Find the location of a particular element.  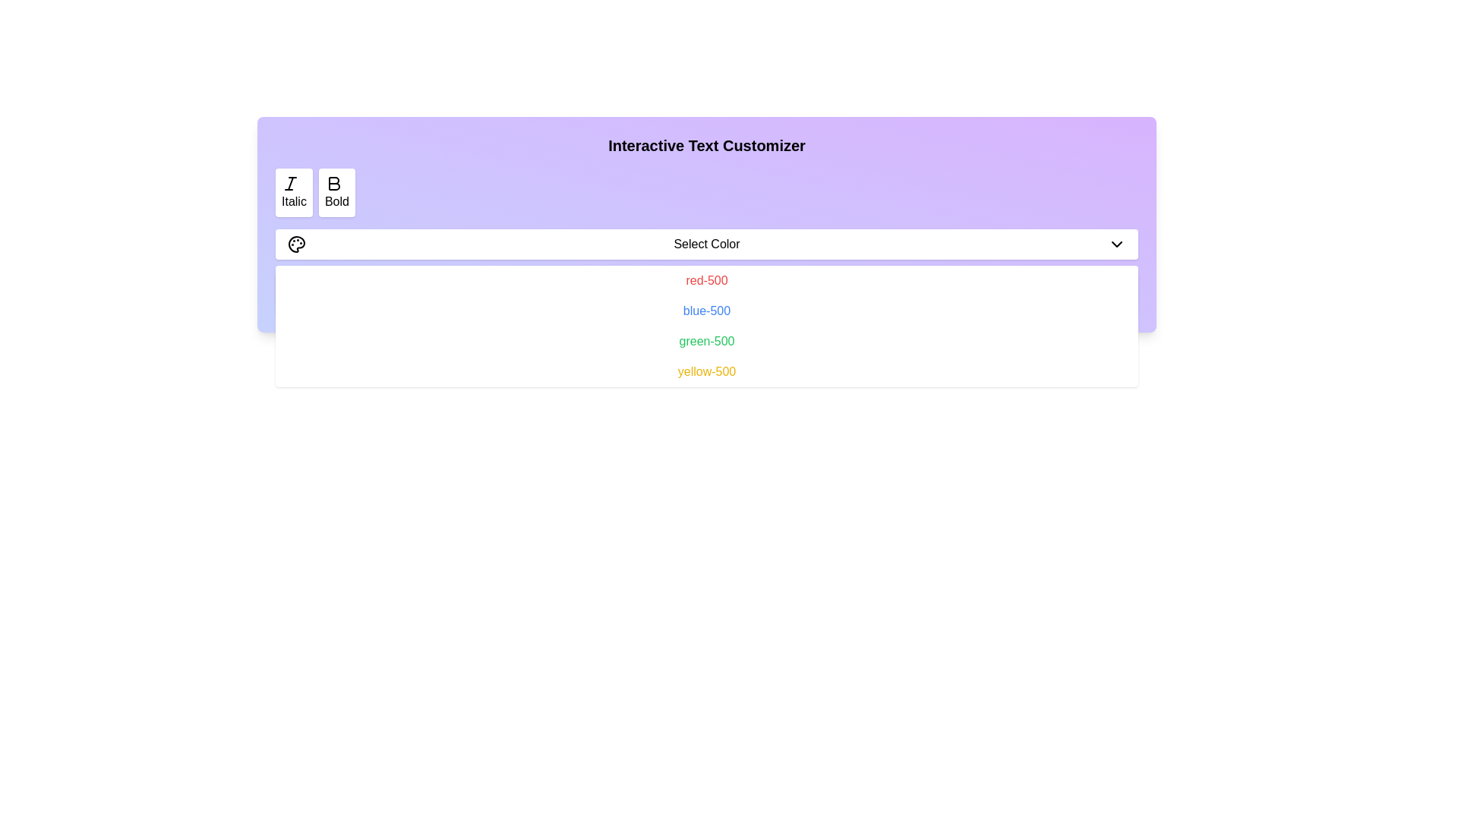

to select the 'red-500' option, which is the first item in the dropdown menu of the 'Interactive Text Customizer' component is located at coordinates (706, 281).